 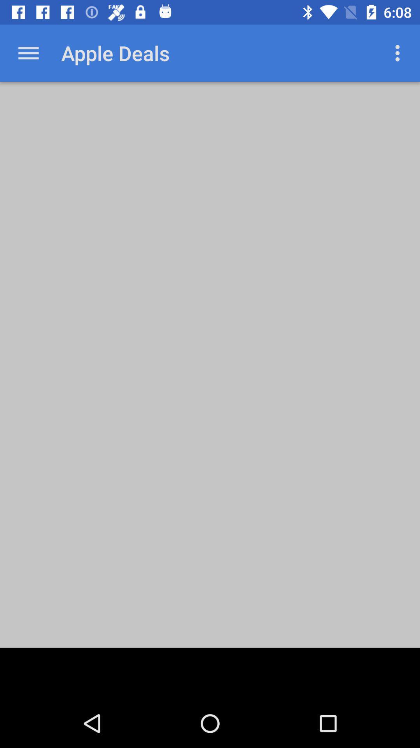 What do you see at coordinates (28, 53) in the screenshot?
I see `icon next to apple deals item` at bounding box center [28, 53].